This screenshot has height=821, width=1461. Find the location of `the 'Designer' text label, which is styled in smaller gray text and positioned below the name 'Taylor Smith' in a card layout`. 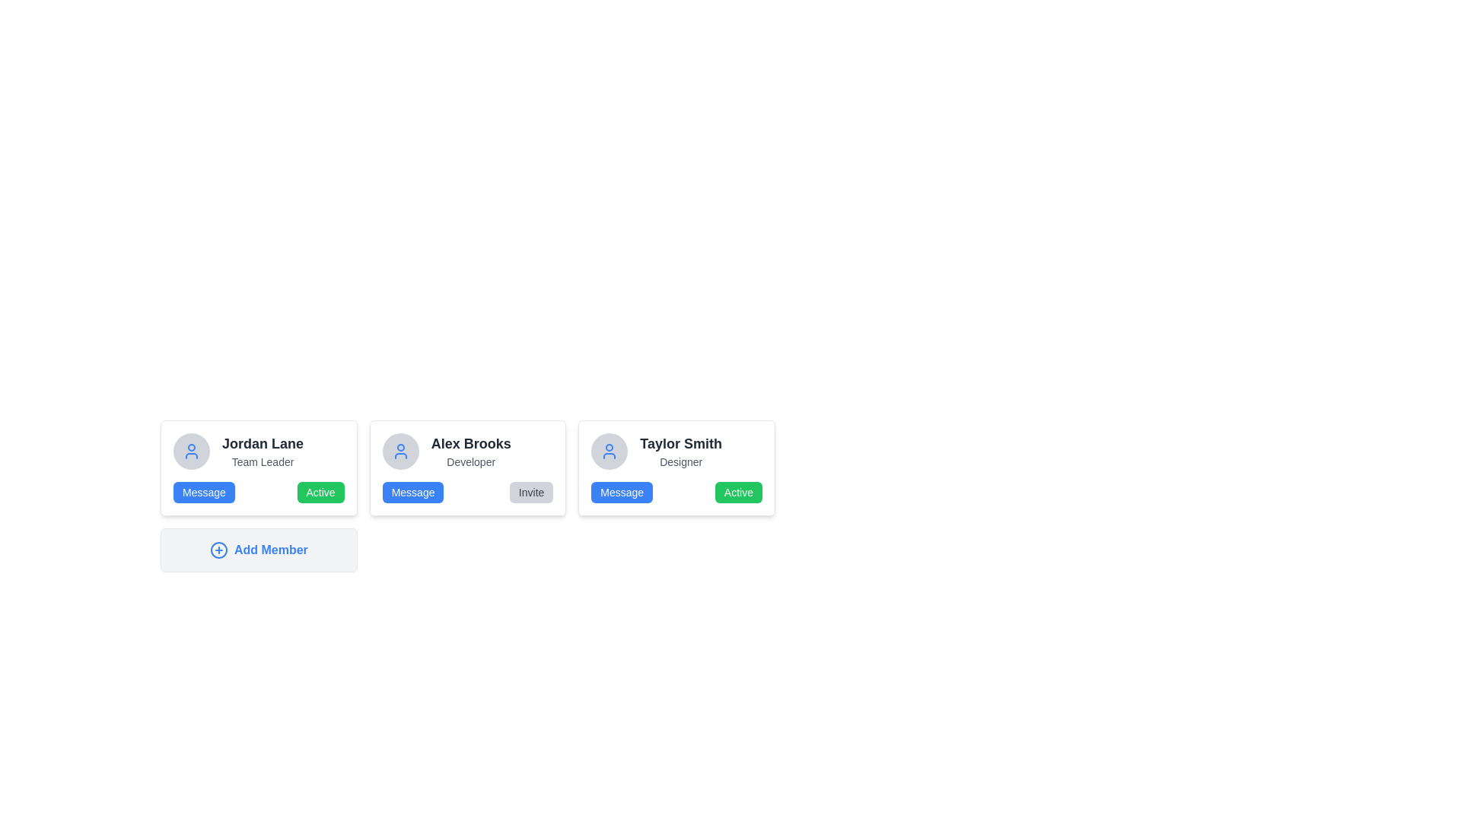

the 'Designer' text label, which is styled in smaller gray text and positioned below the name 'Taylor Smith' in a card layout is located at coordinates (680, 461).